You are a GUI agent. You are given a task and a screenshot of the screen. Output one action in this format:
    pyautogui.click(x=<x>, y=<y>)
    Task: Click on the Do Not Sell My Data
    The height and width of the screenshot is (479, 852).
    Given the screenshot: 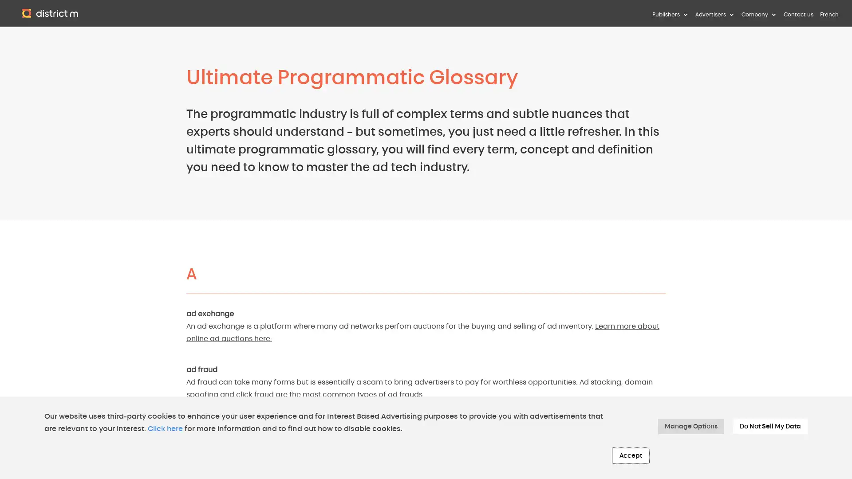 What is the action you would take?
    pyautogui.click(x=770, y=426)
    